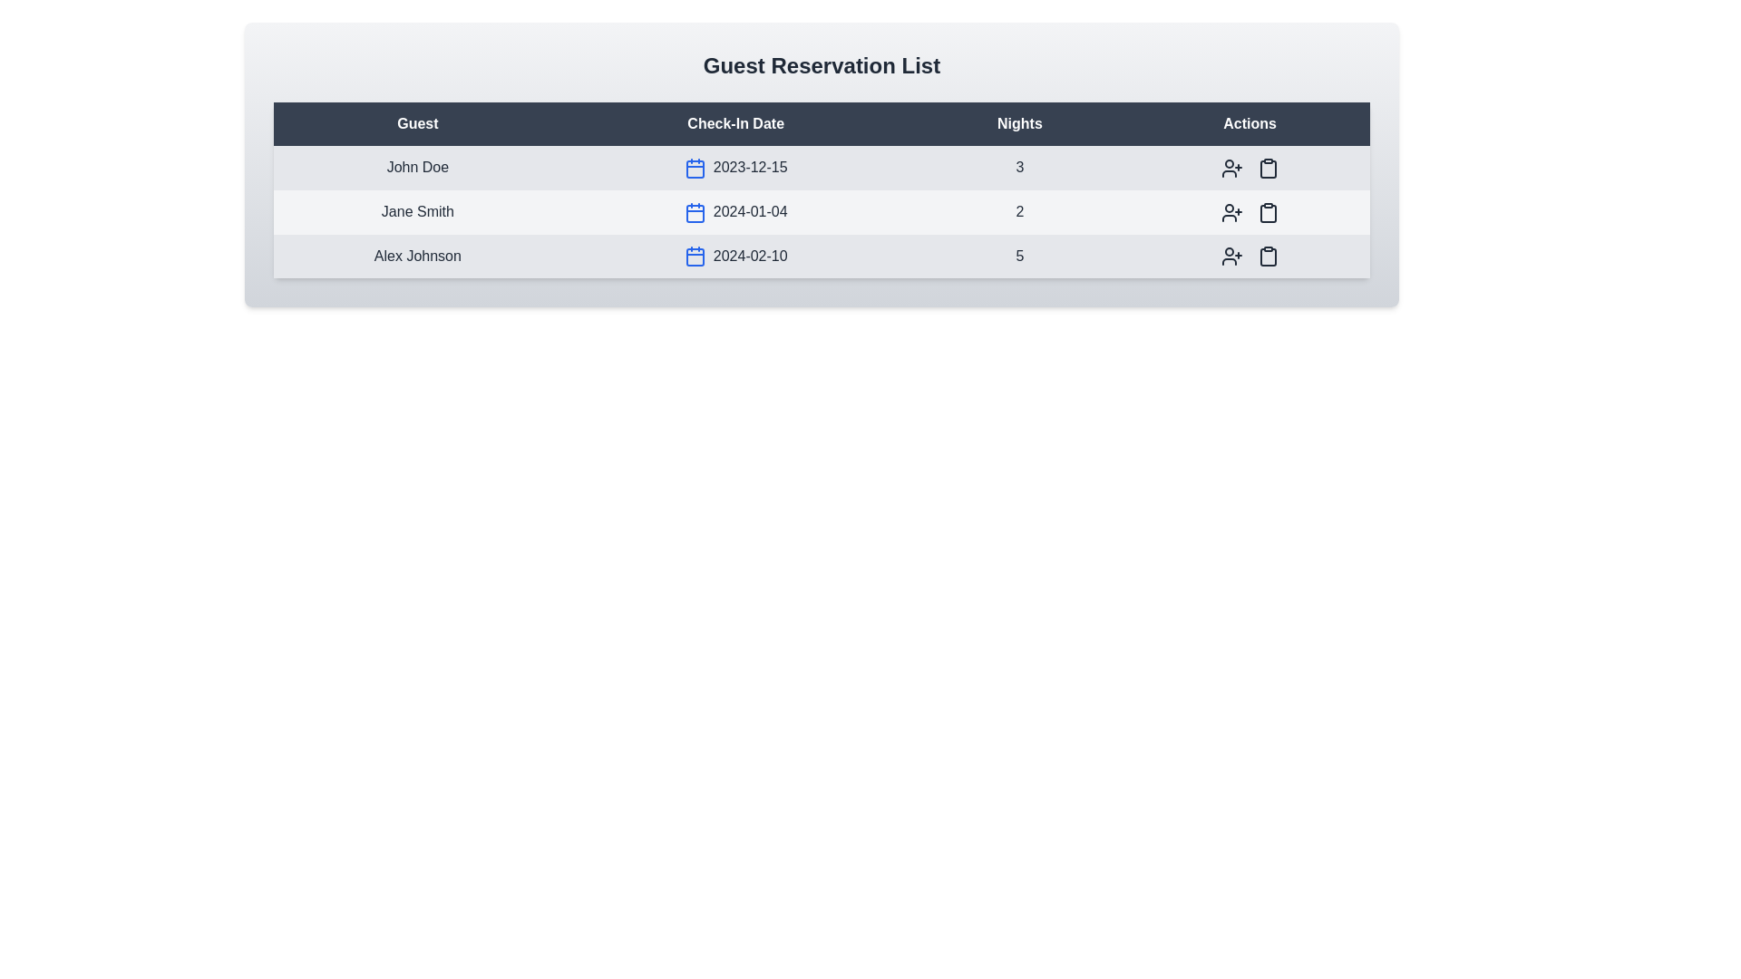  What do you see at coordinates (1019, 211) in the screenshot?
I see `the 'Nights' data display for 'Jane Smith' in the second row of the table` at bounding box center [1019, 211].